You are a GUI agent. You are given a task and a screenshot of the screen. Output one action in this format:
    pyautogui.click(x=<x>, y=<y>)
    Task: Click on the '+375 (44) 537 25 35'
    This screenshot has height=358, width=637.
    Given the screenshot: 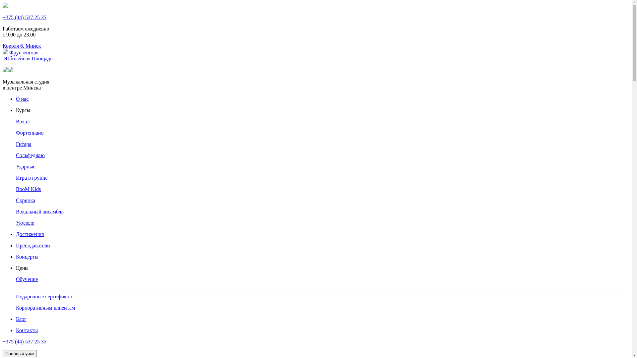 What is the action you would take?
    pyautogui.click(x=24, y=17)
    